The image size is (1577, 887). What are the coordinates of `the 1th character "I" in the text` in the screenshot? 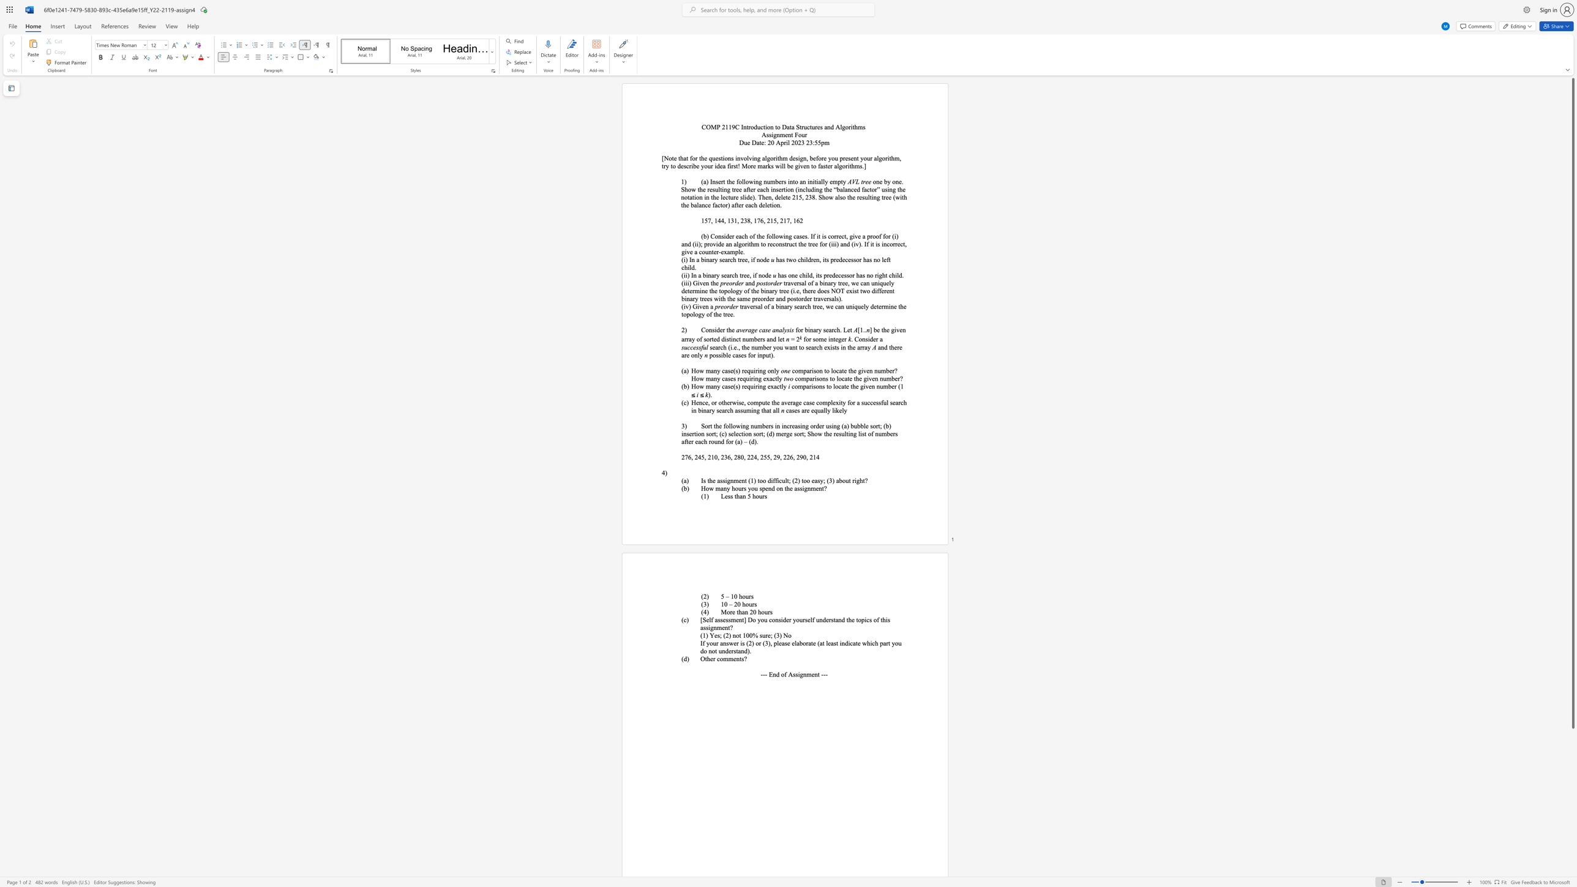 It's located at (812, 236).